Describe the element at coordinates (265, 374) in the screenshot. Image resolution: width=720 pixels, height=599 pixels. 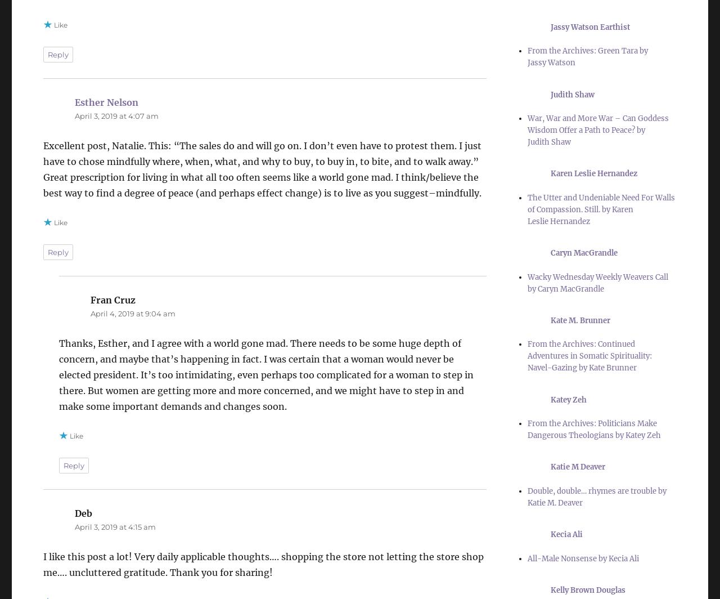
I see `'Thanks, Esther, and I agree with a world gone mad.  There needs to be some huge depth of concern, and maybe that’s happening in fact.  I was certain that a woman would never be elected president.  It’s too intimidating, even perhaps too complicated for a woman to step in there.  But women are getting more and more concerned, and we might have to step in and make some important demands and changes soon.'` at that location.